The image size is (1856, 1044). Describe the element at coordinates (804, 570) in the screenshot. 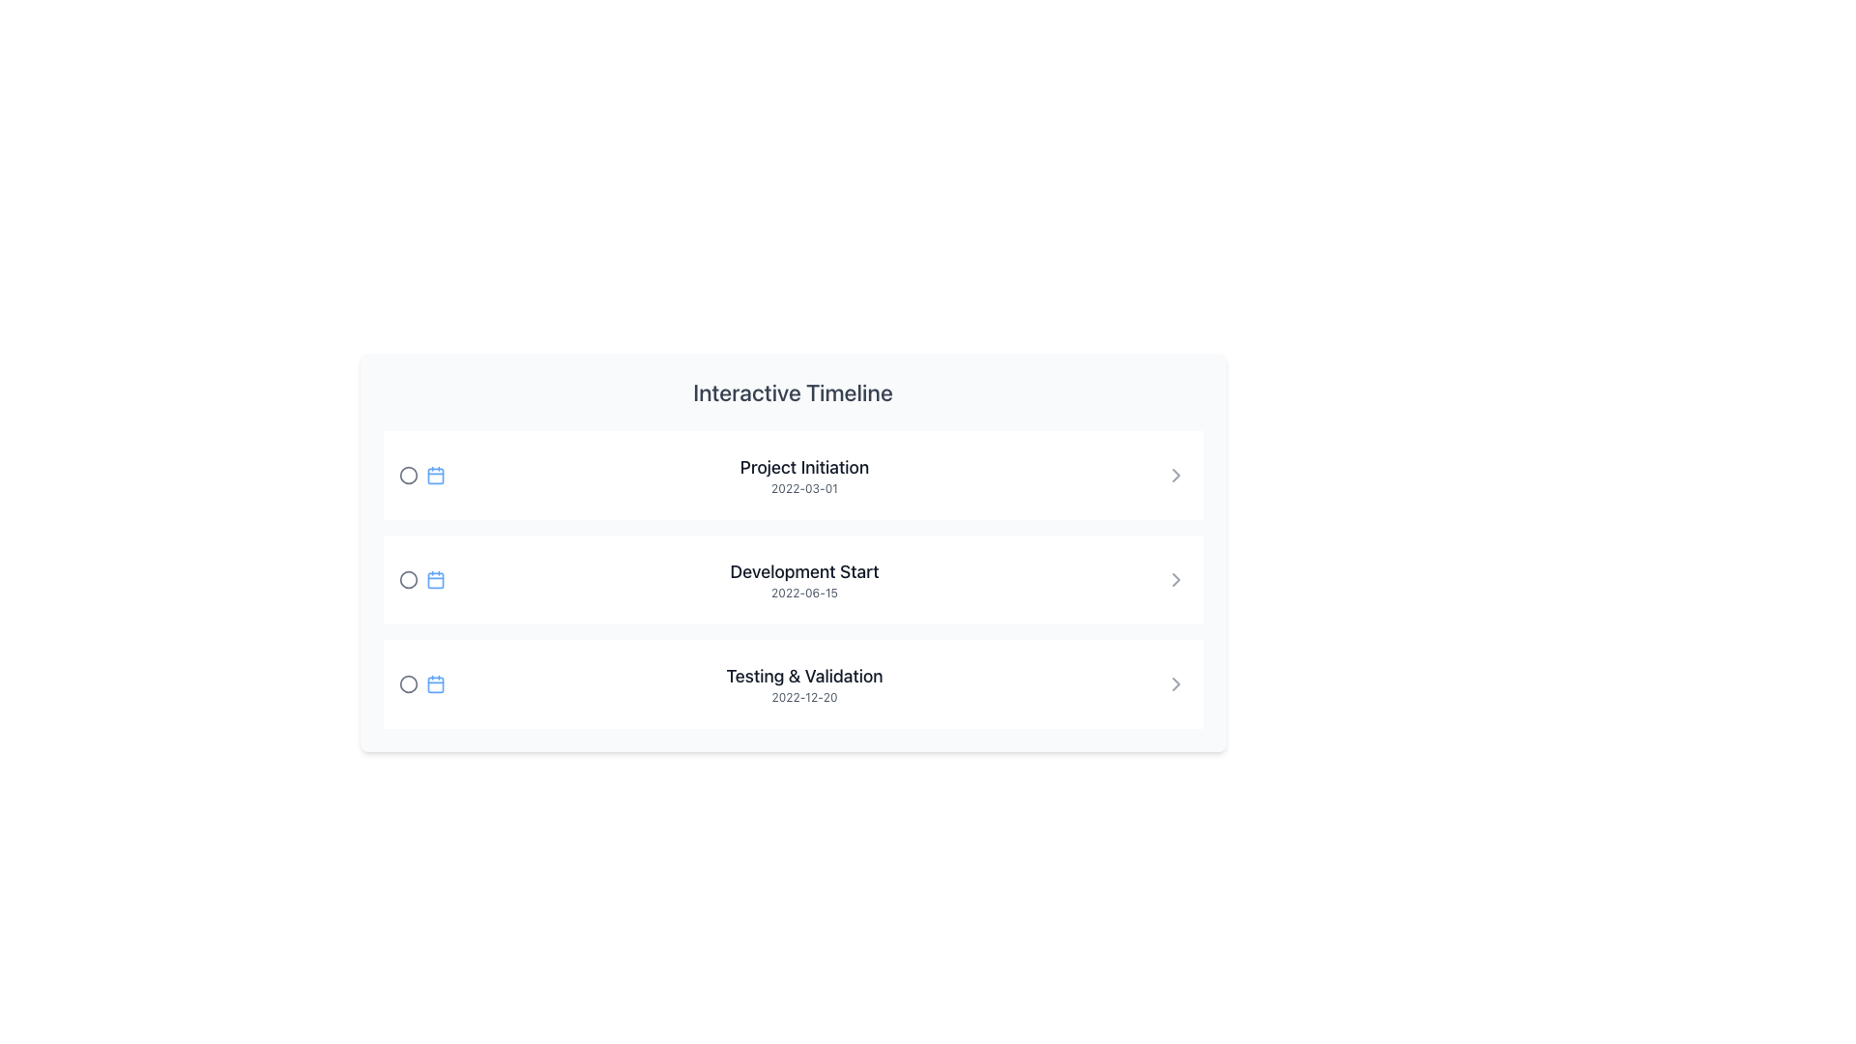

I see `the text label that displays 'Development Start', which is styled with a medium-sized font and dark gray color, located in the middle row of the timeline interface` at that location.